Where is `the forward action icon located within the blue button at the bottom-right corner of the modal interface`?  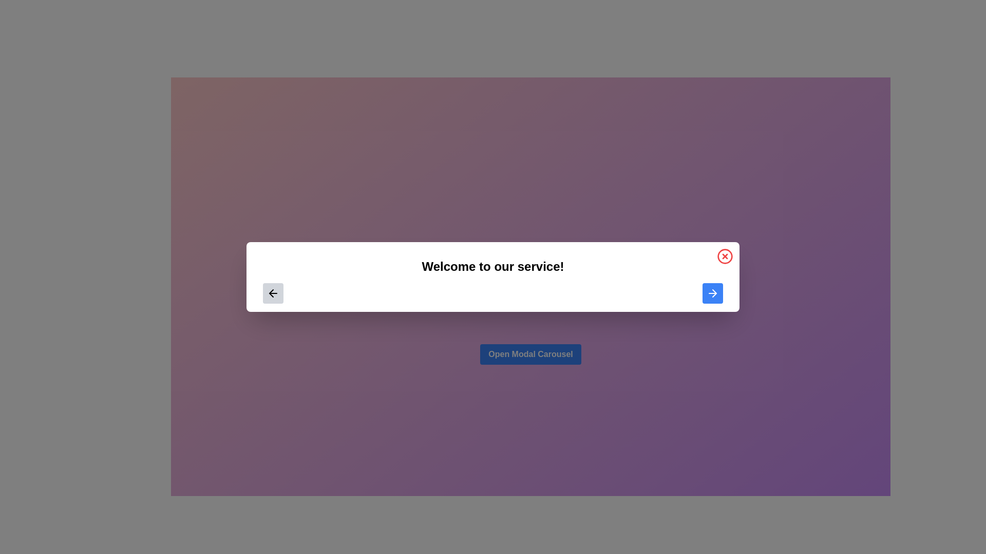 the forward action icon located within the blue button at the bottom-right corner of the modal interface is located at coordinates (712, 293).